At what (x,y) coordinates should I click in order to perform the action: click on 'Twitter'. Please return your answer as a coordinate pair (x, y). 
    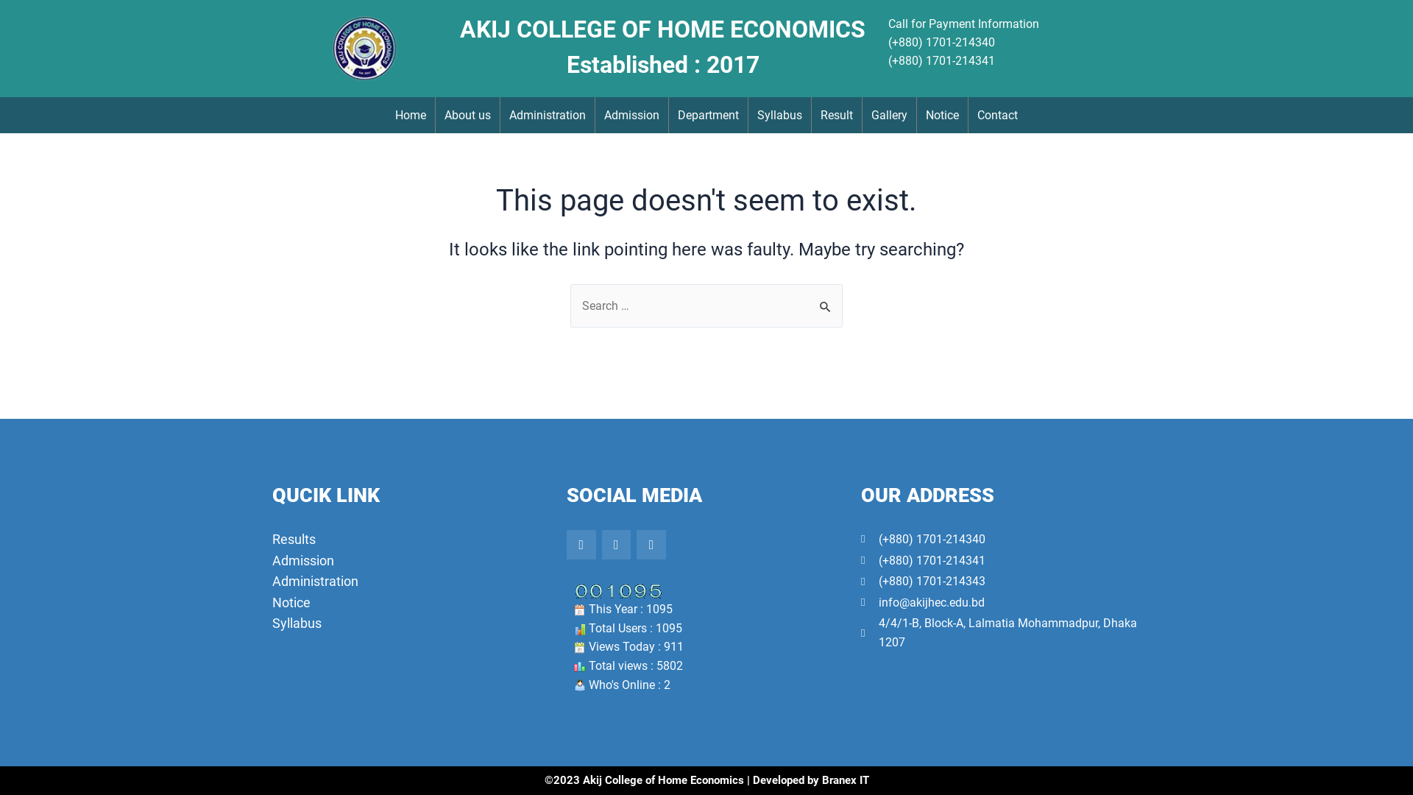
    Looking at the image, I should click on (617, 545).